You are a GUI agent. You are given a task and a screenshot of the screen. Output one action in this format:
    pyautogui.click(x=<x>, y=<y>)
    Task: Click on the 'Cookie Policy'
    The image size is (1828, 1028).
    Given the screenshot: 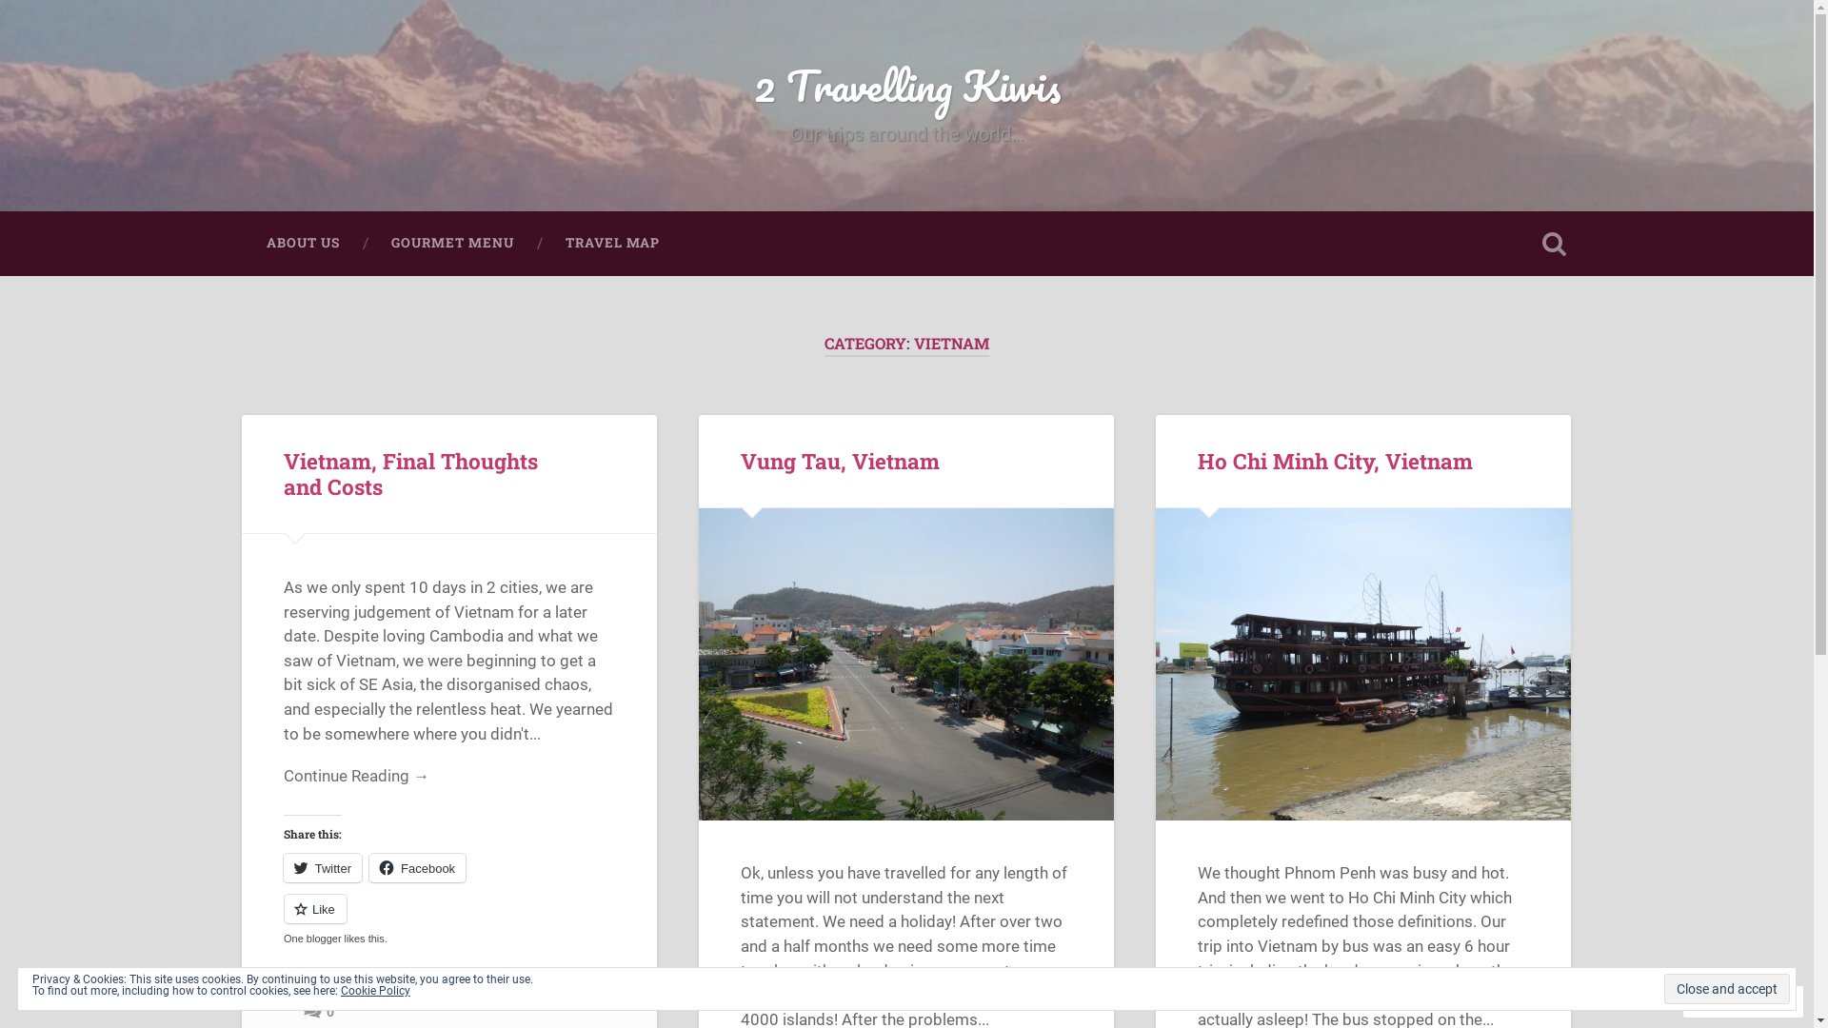 What is the action you would take?
    pyautogui.click(x=341, y=990)
    